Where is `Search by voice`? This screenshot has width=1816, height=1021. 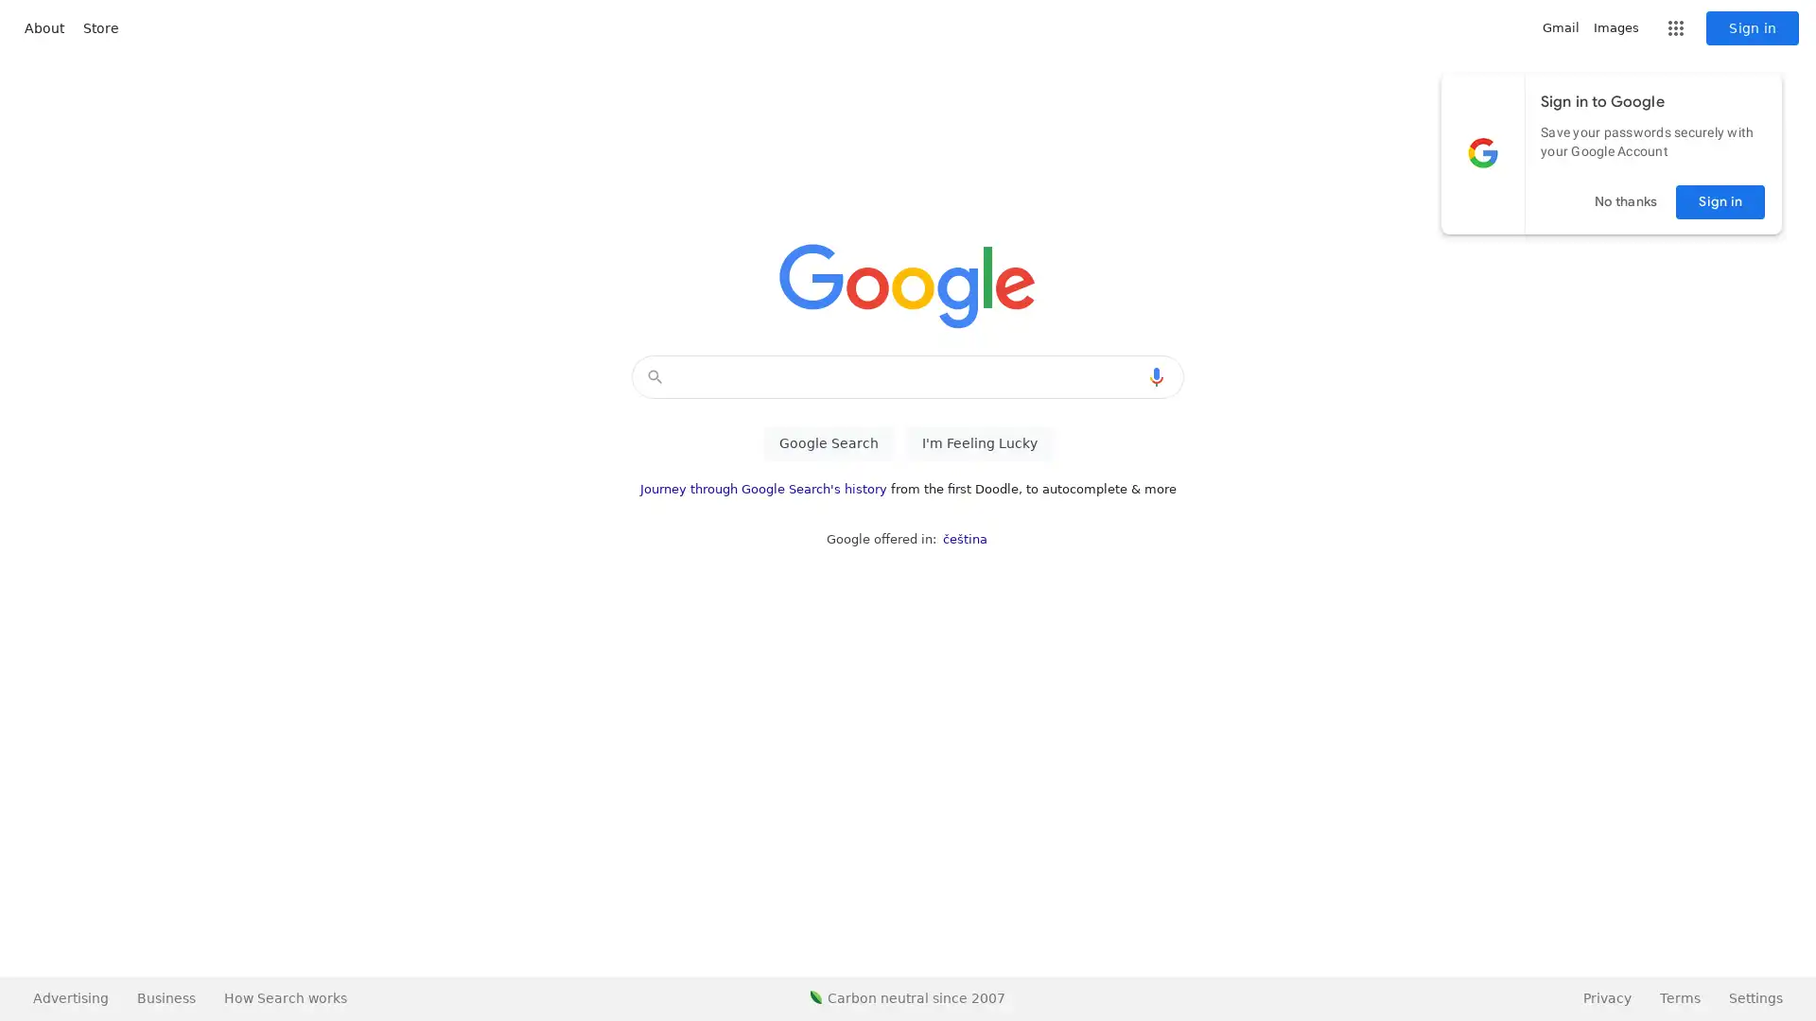
Search by voice is located at coordinates (1156, 376).